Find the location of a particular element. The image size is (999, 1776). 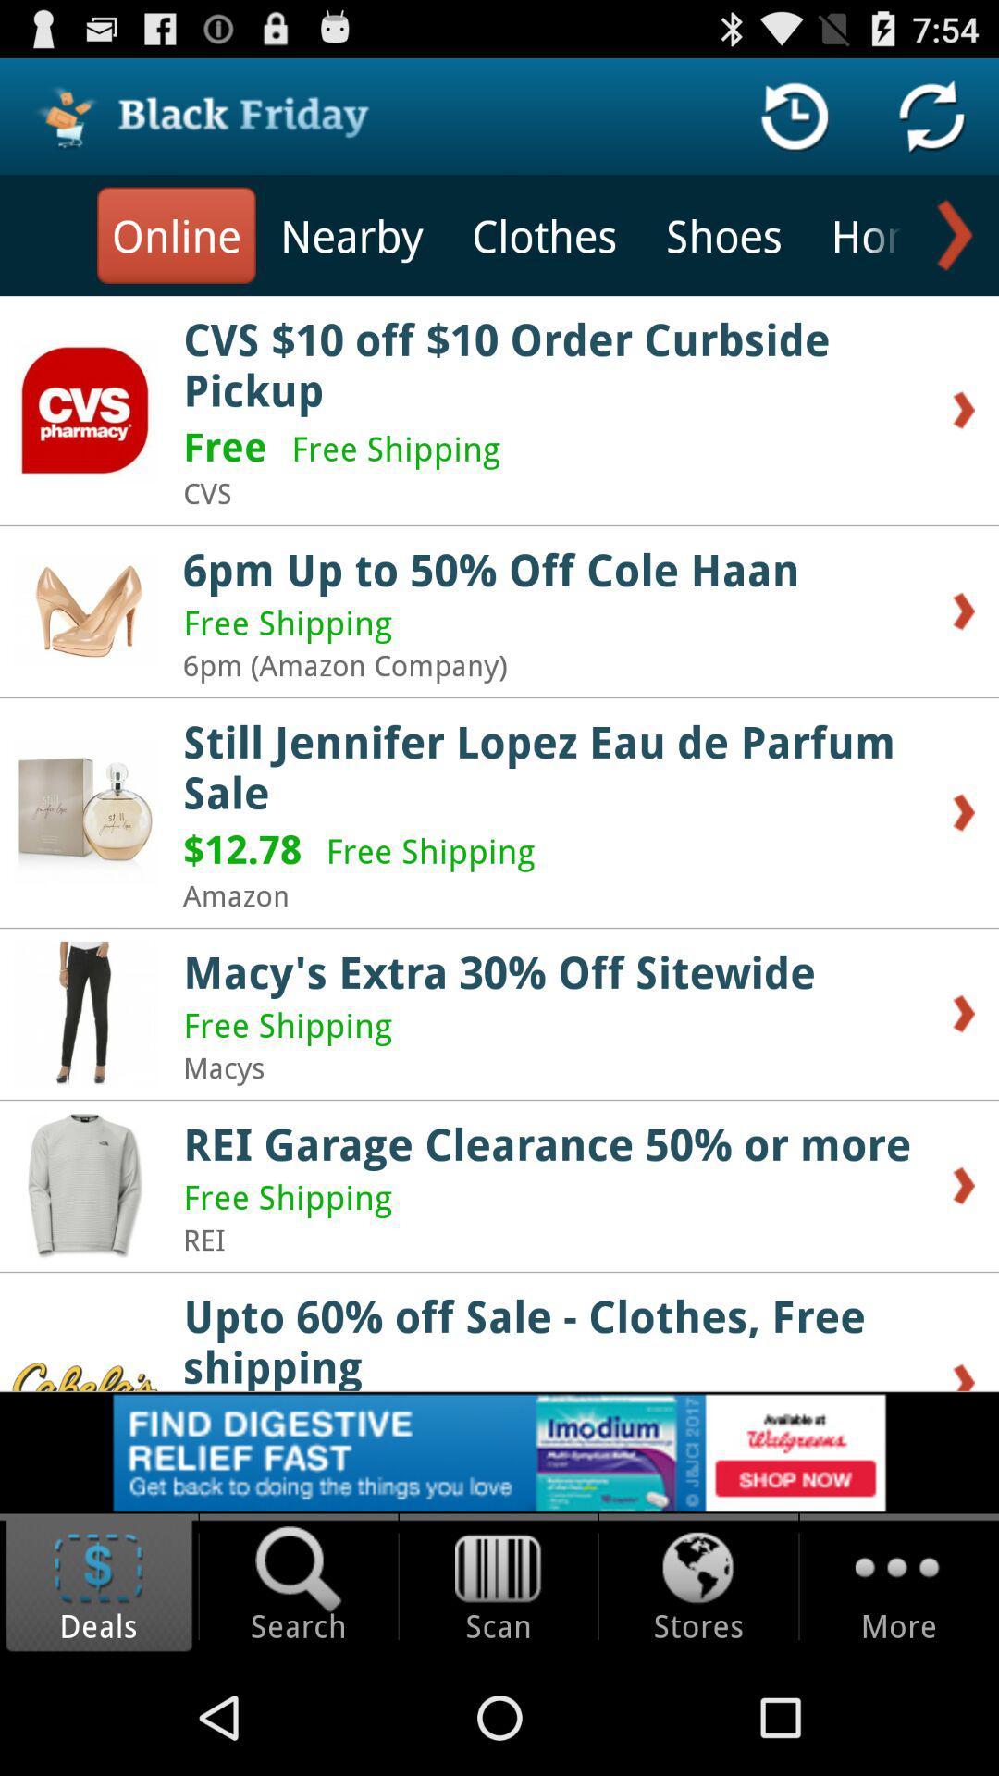

advertisement page is located at coordinates (499, 1451).